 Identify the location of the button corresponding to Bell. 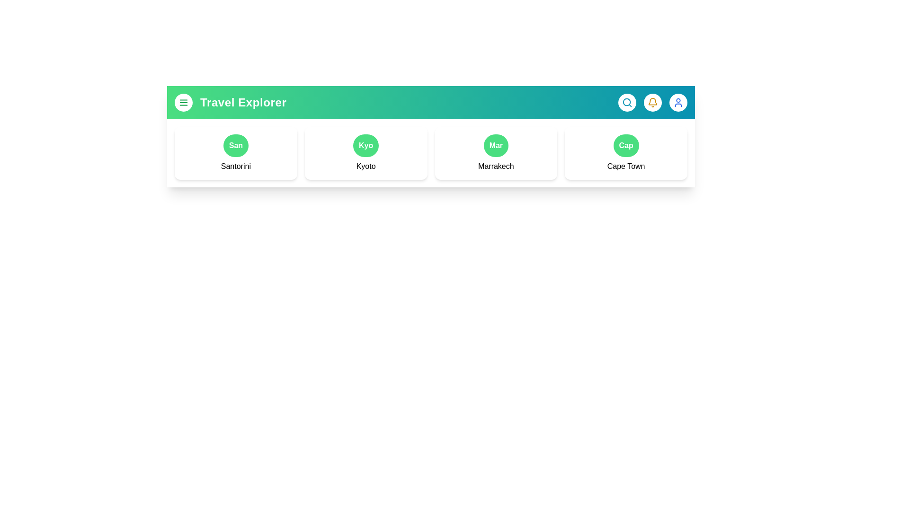
(652, 102).